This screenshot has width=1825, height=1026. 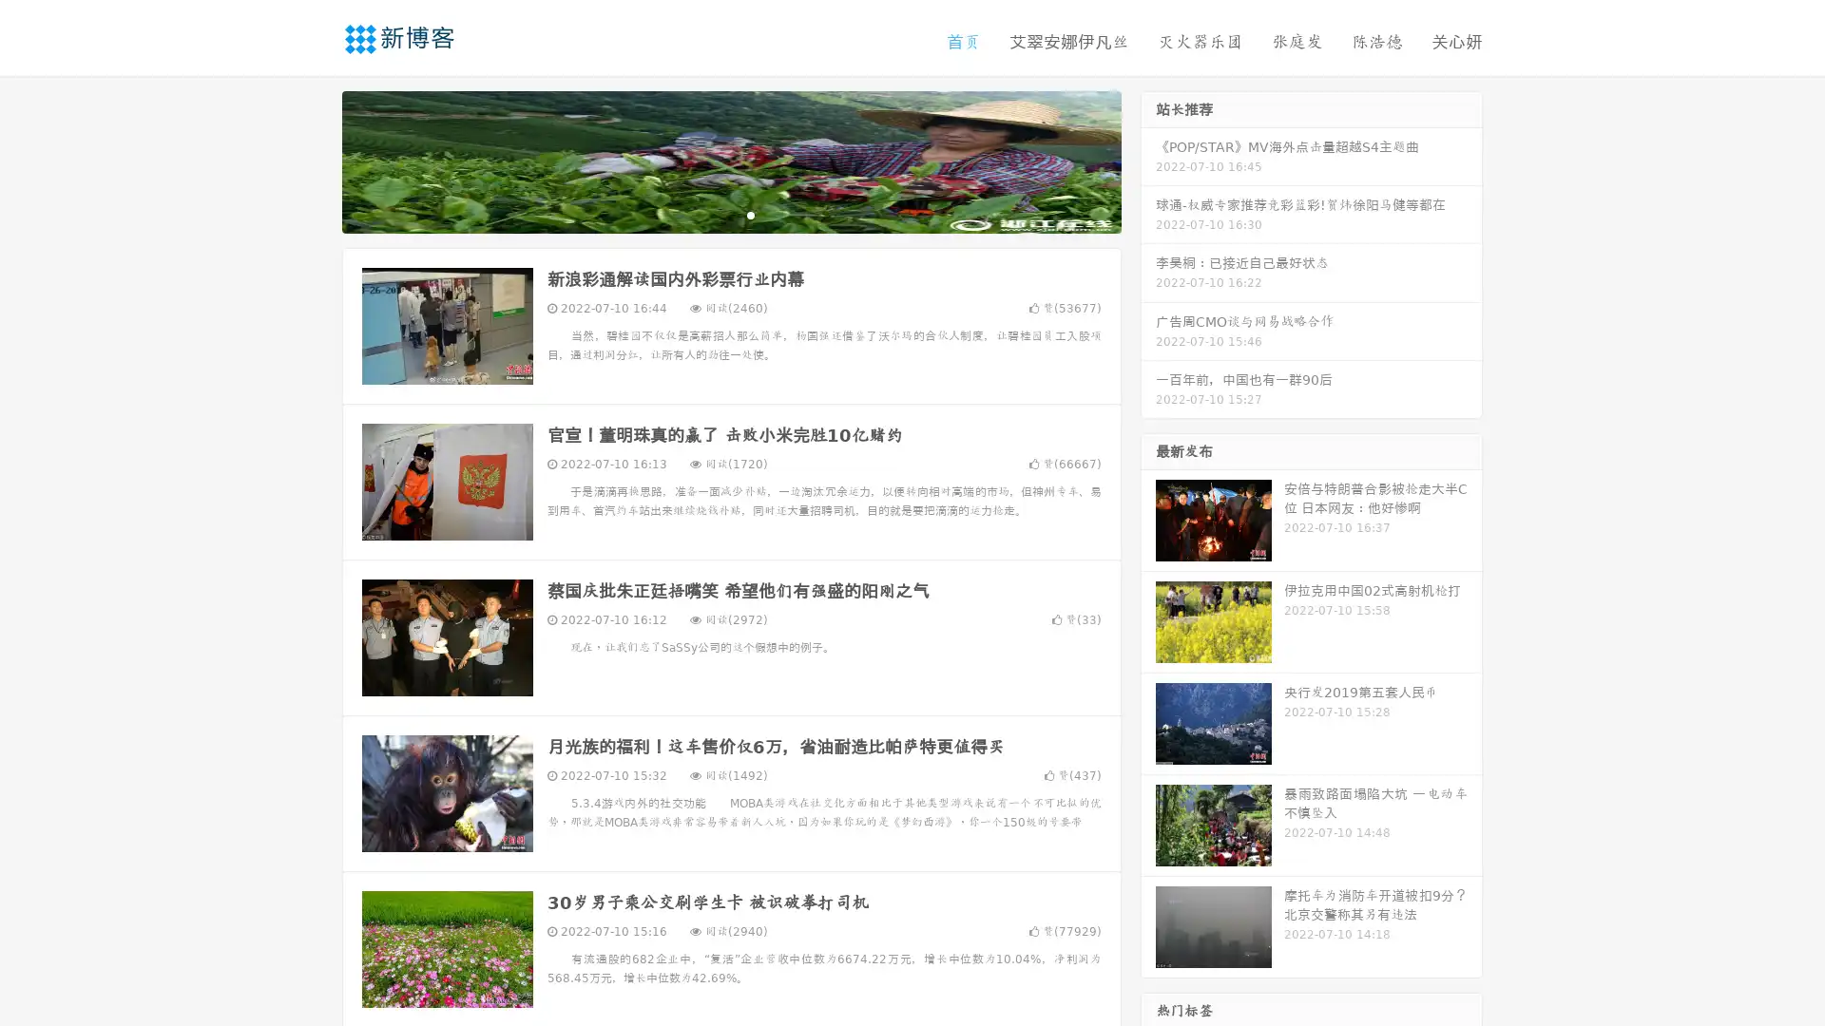 I want to click on Go to slide 1, so click(x=711, y=214).